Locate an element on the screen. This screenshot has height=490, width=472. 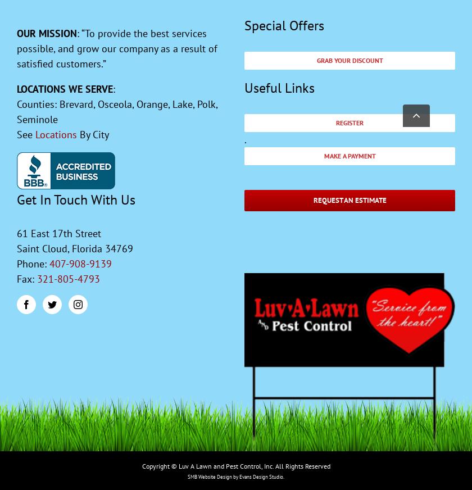
'61 East 17th Street' is located at coordinates (59, 233).